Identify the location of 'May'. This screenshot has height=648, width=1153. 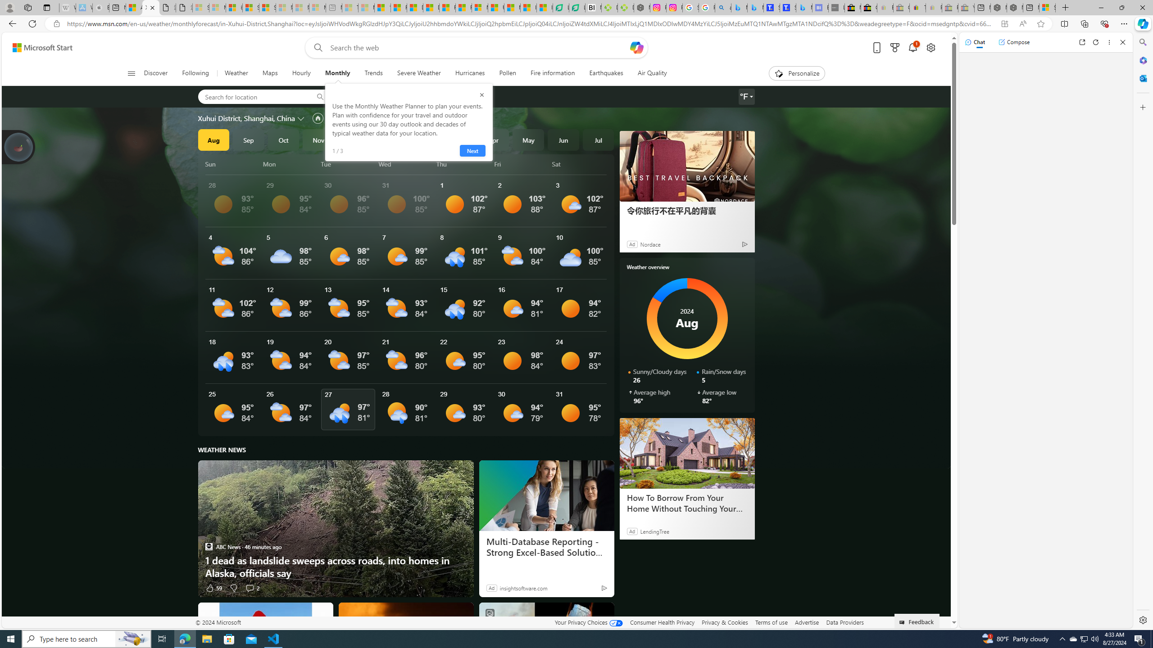
(528, 139).